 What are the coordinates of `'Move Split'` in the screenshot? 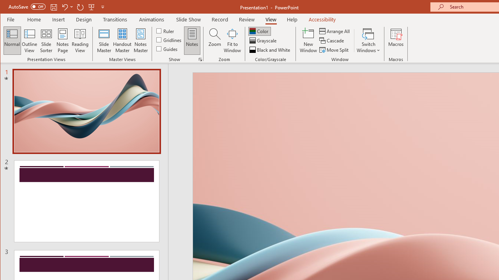 It's located at (334, 50).